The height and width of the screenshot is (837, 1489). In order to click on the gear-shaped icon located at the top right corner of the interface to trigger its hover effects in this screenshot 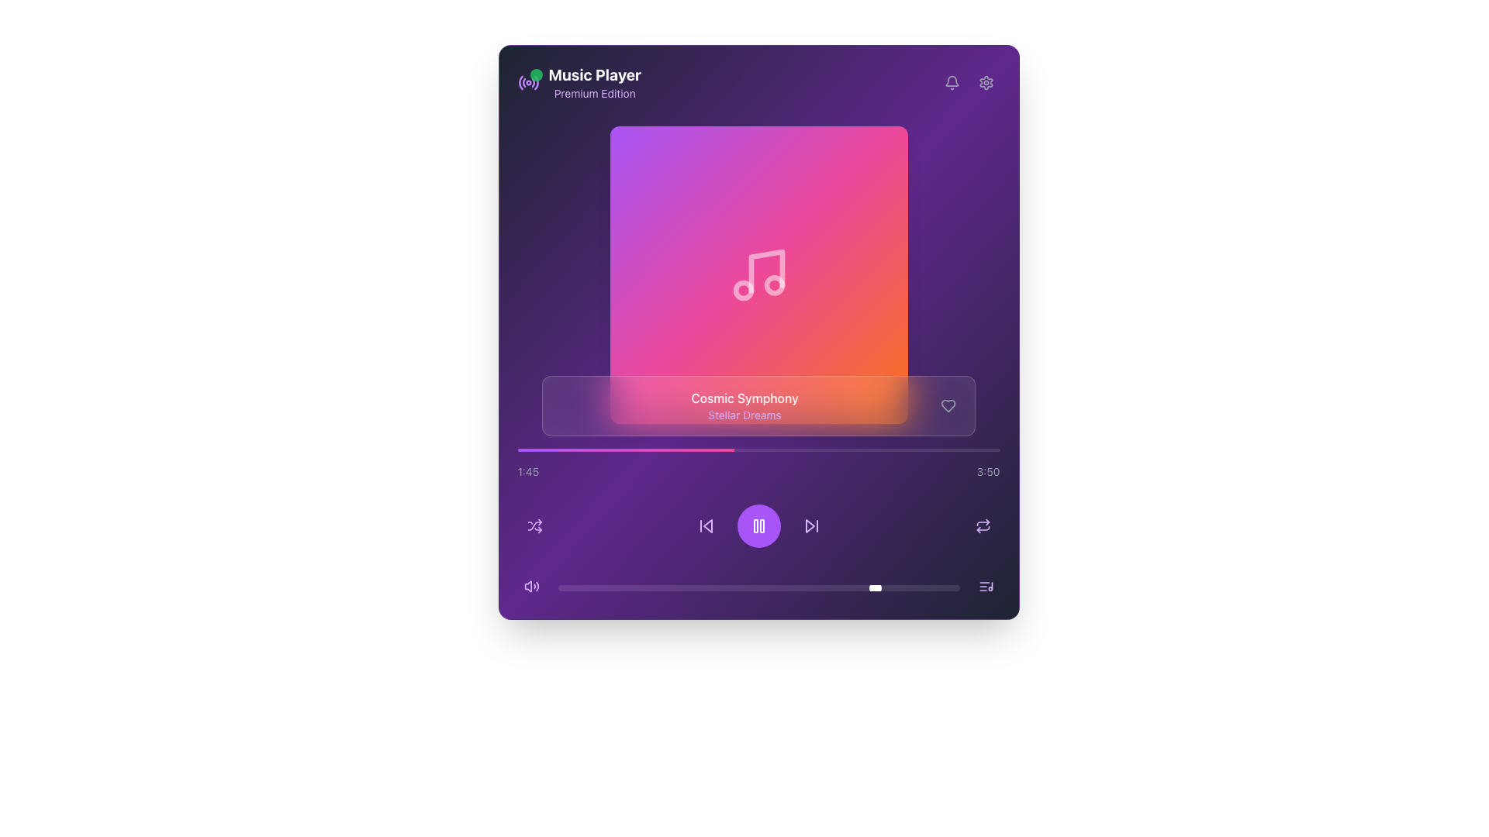, I will do `click(985, 83)`.